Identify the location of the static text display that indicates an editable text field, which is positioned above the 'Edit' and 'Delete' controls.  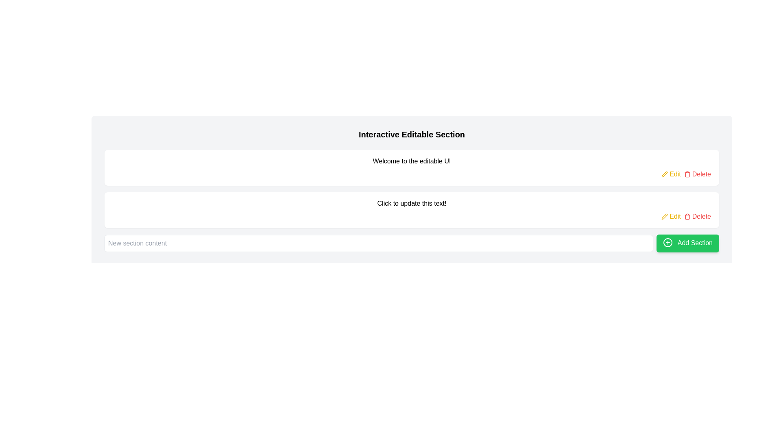
(412, 203).